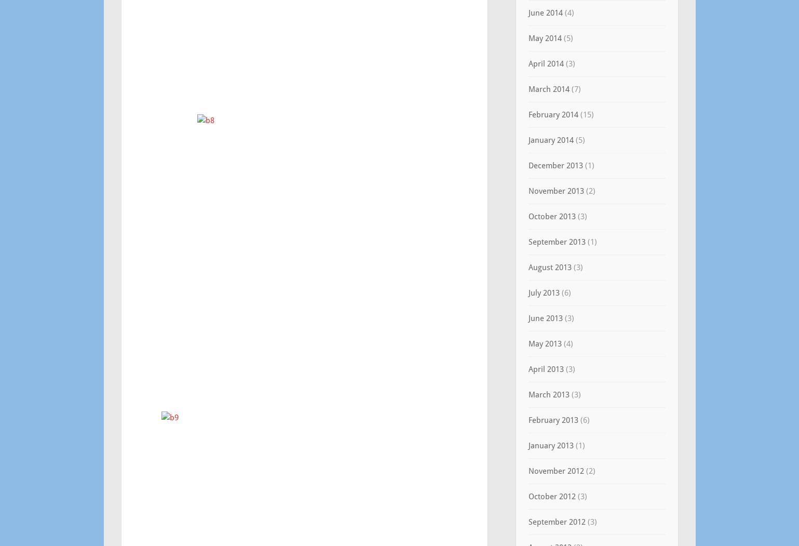 This screenshot has height=546, width=799. What do you see at coordinates (551, 217) in the screenshot?
I see `'October 2013'` at bounding box center [551, 217].